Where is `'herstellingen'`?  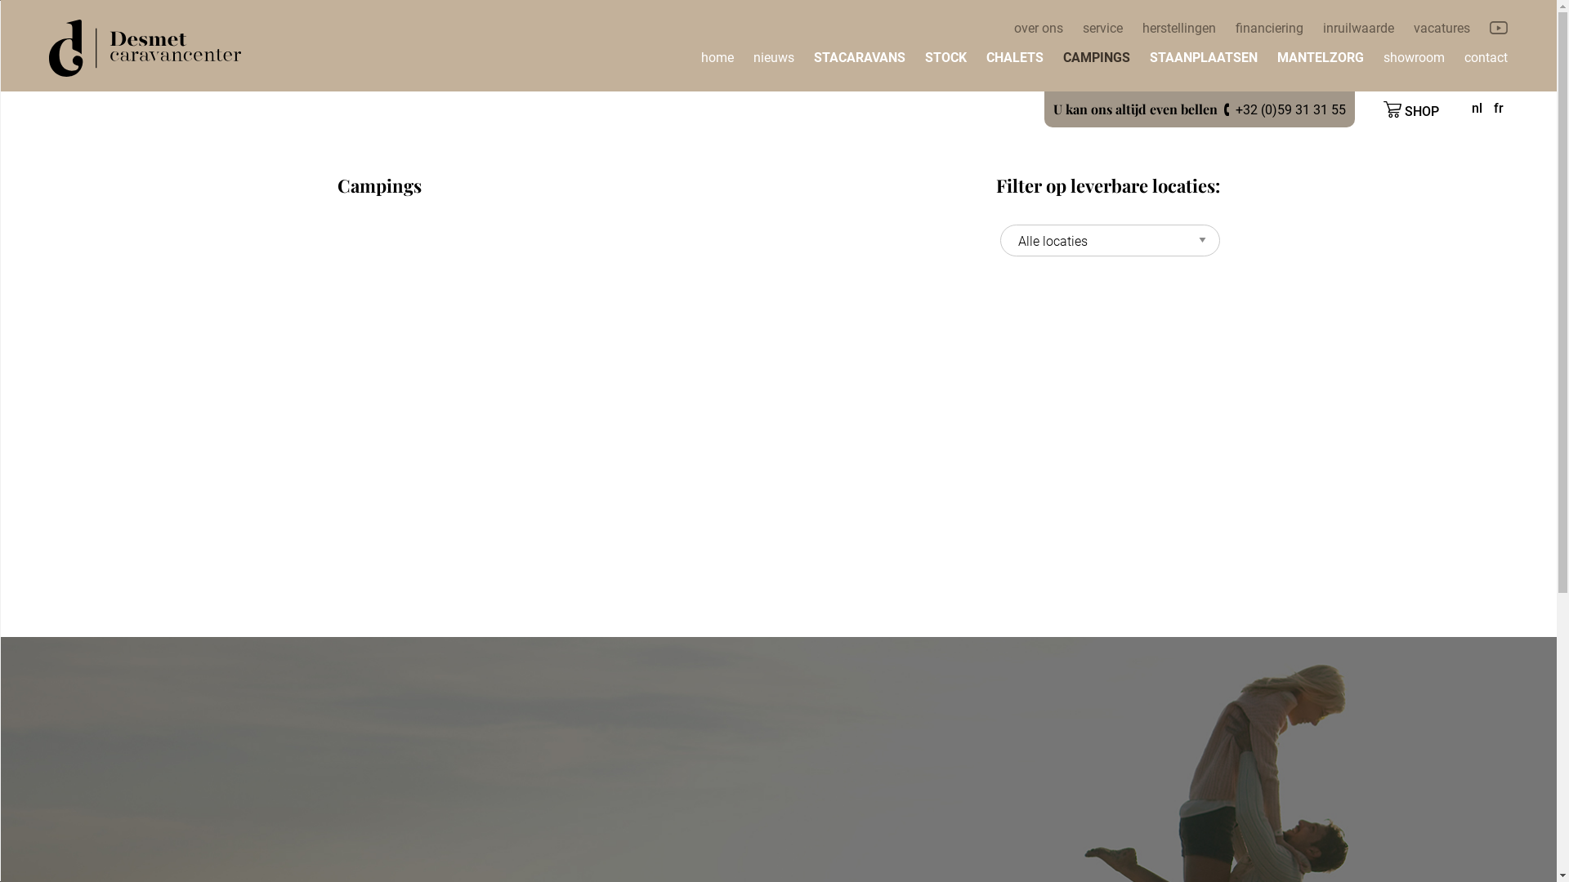 'herstellingen' is located at coordinates (1179, 28).